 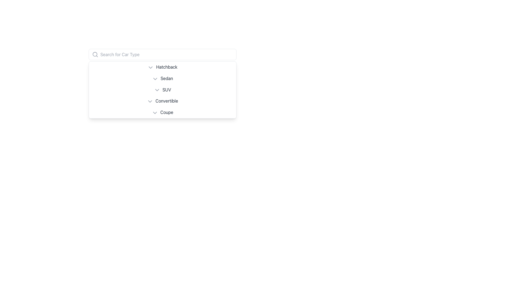 I want to click on the chevron icon located to the left of the 'SUV' text in the dropdown menu, so click(x=157, y=90).